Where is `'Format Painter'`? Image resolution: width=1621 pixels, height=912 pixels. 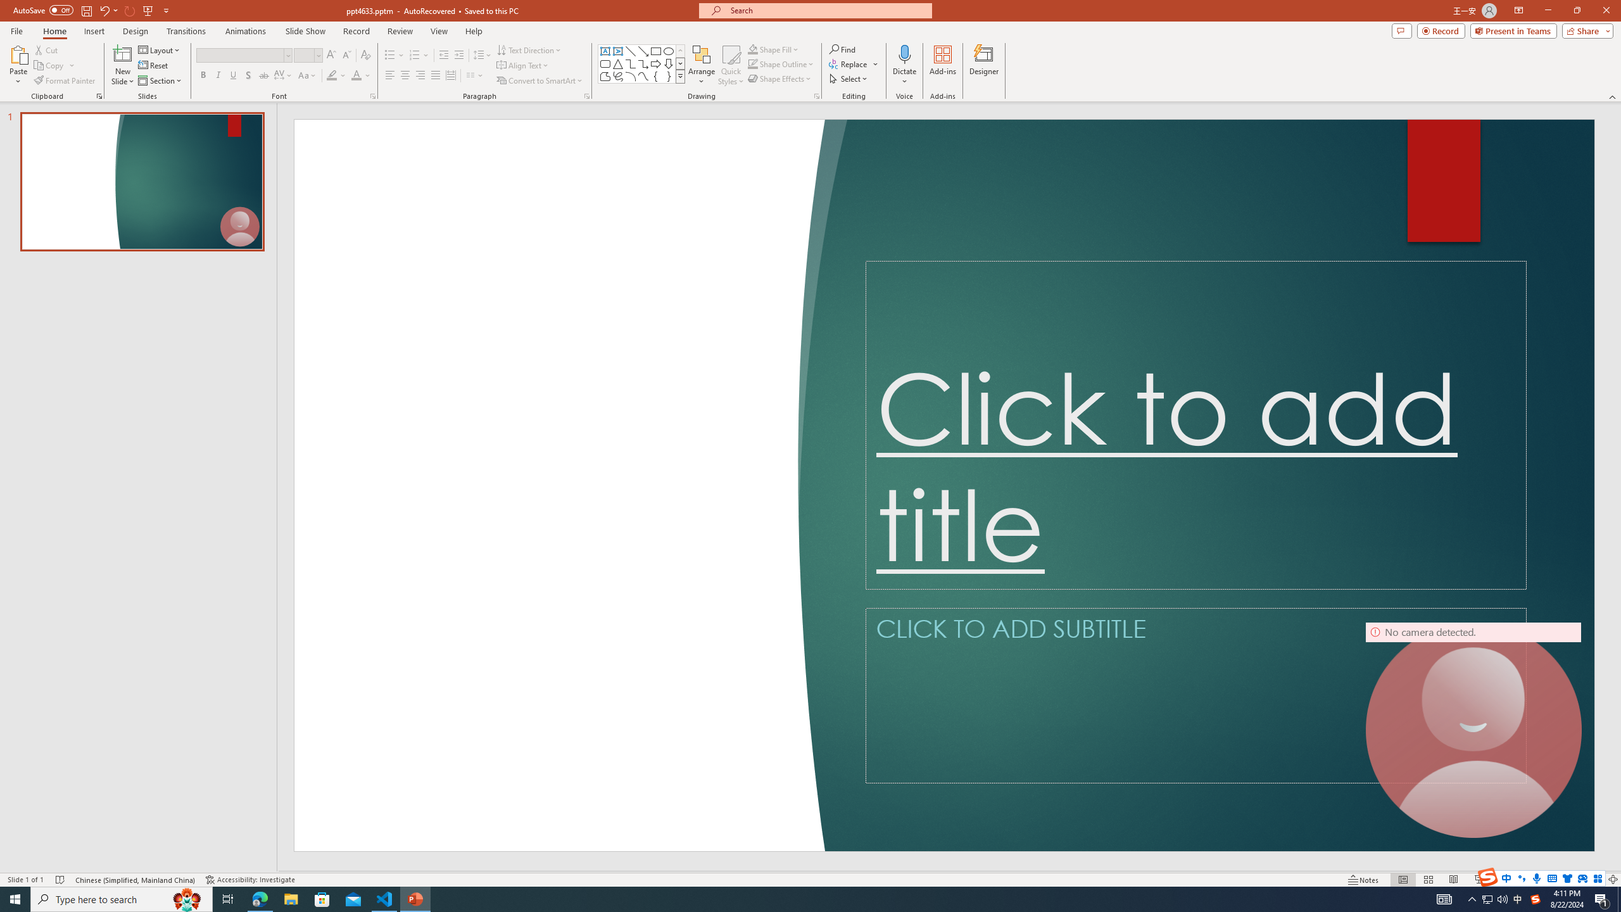 'Format Painter' is located at coordinates (65, 80).